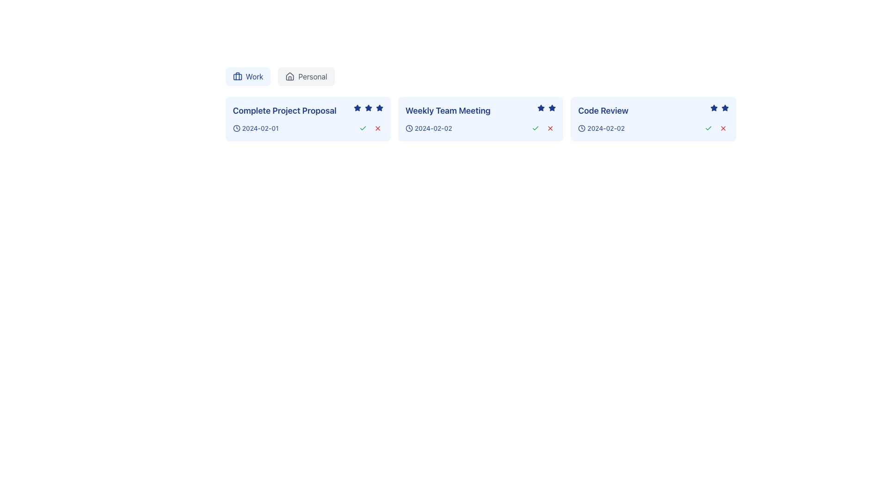 This screenshot has height=499, width=888. Describe the element at coordinates (377, 128) in the screenshot. I see `the Icon button located in the 'Complete Project Proposal' card, which is adjacent to a green checkmark icon` at that location.